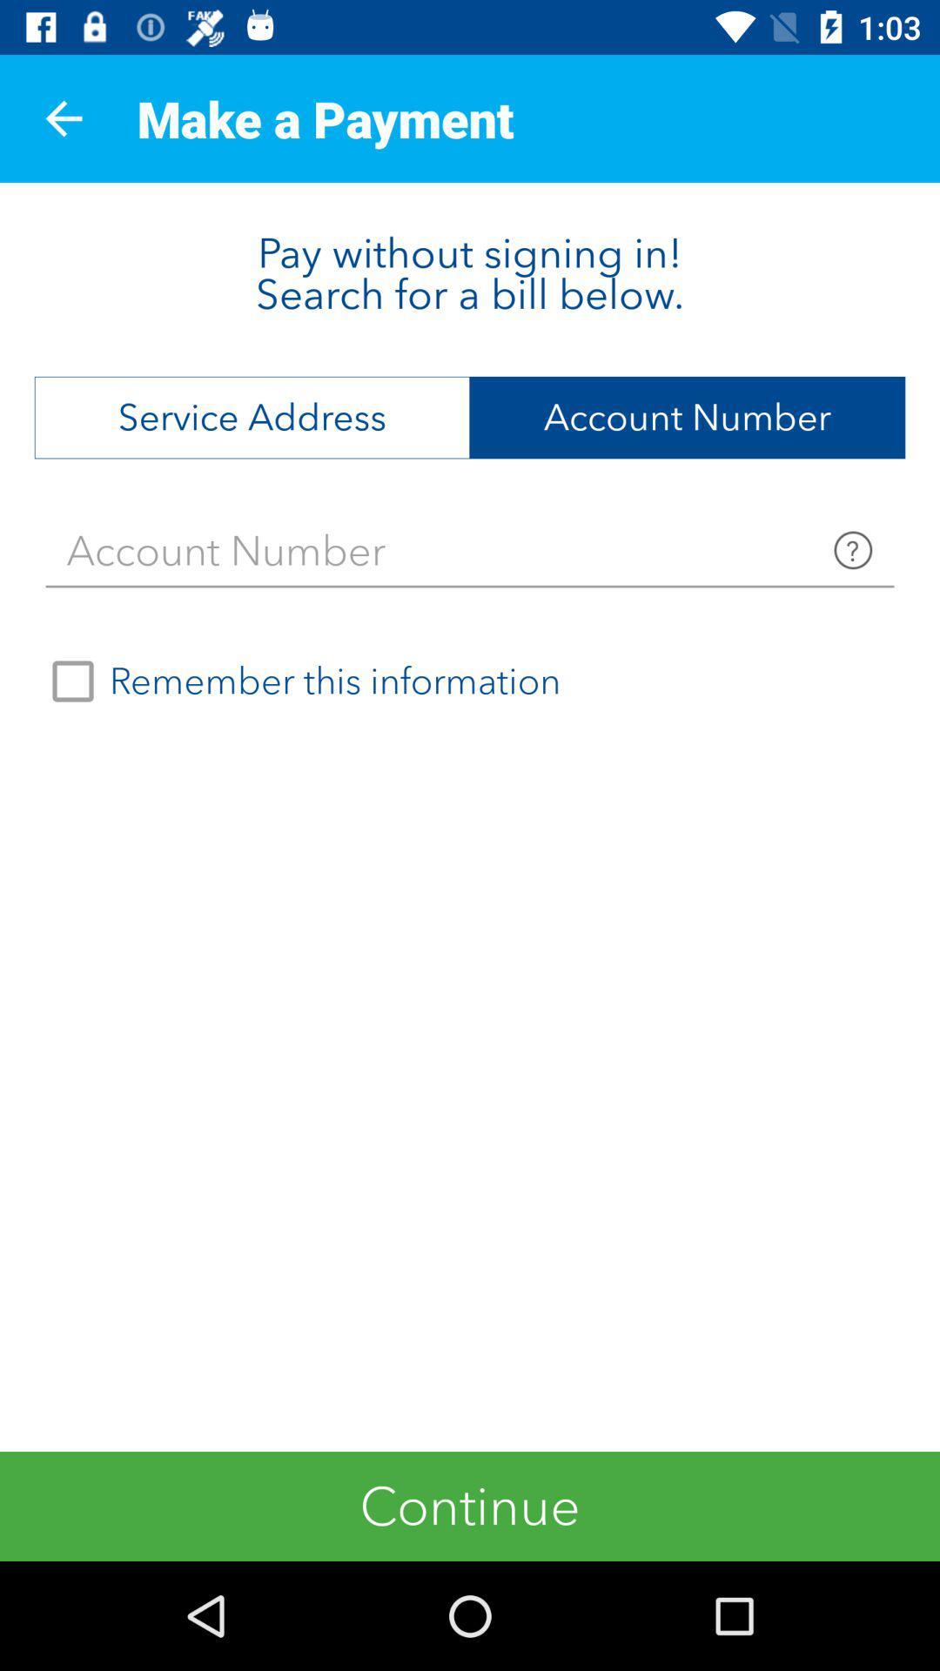  Describe the element at coordinates (252, 418) in the screenshot. I see `service address item` at that location.